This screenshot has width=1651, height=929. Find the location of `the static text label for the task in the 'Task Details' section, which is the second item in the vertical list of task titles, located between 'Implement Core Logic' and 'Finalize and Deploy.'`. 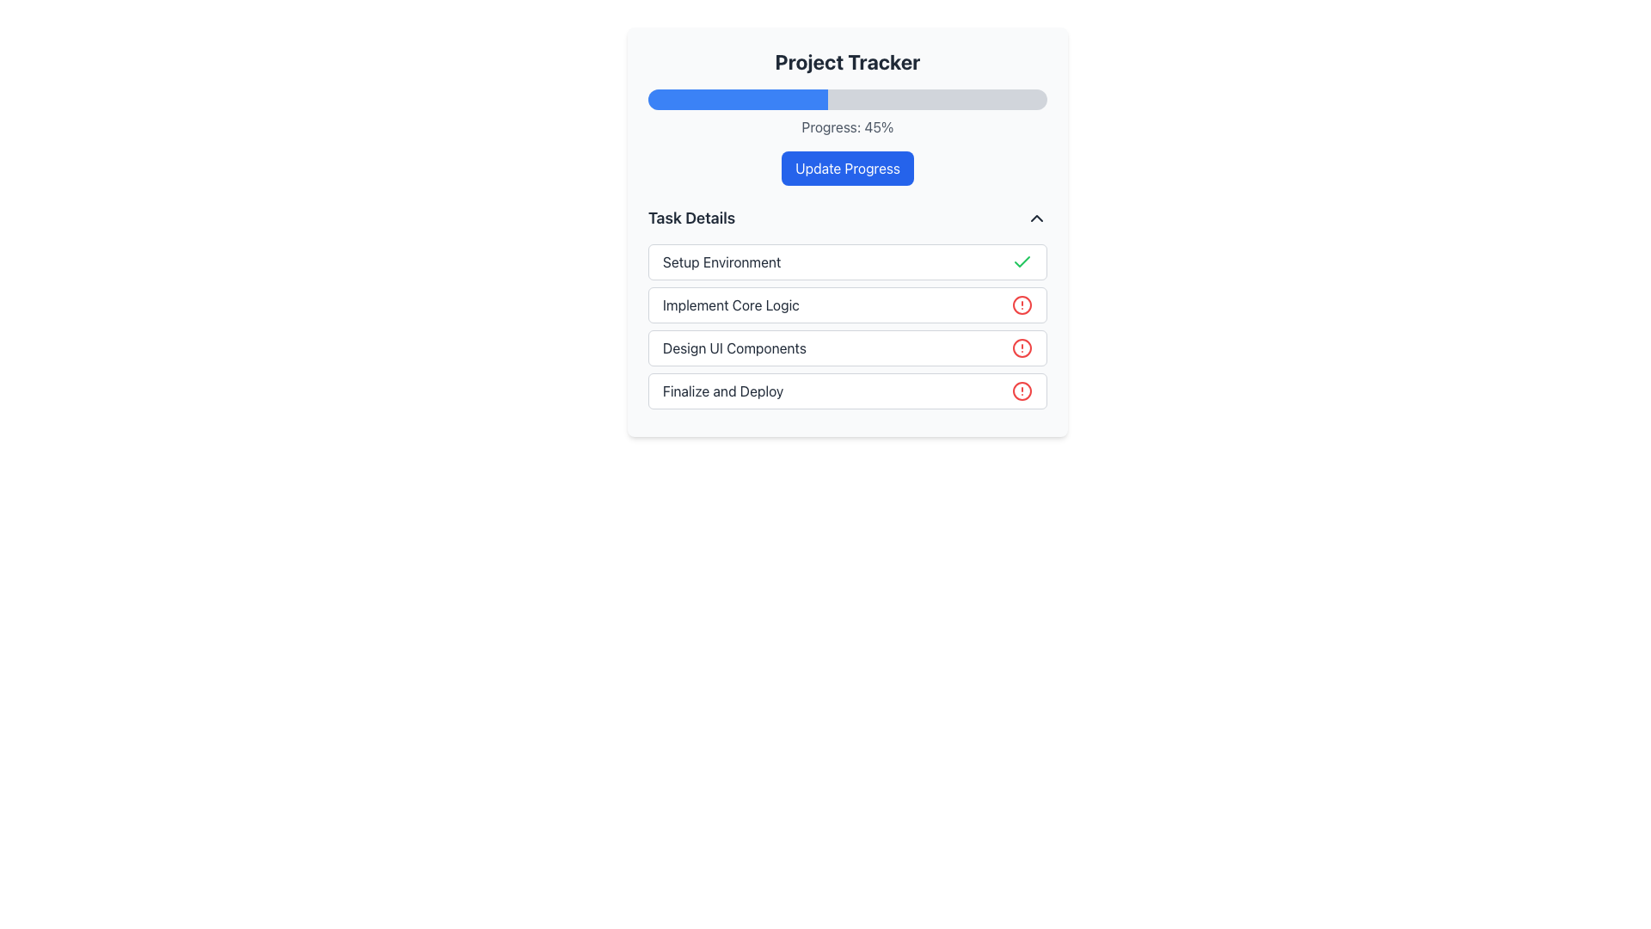

the static text label for the task in the 'Task Details' section, which is the second item in the vertical list of task titles, located between 'Implement Core Logic' and 'Finalize and Deploy.' is located at coordinates (734, 348).